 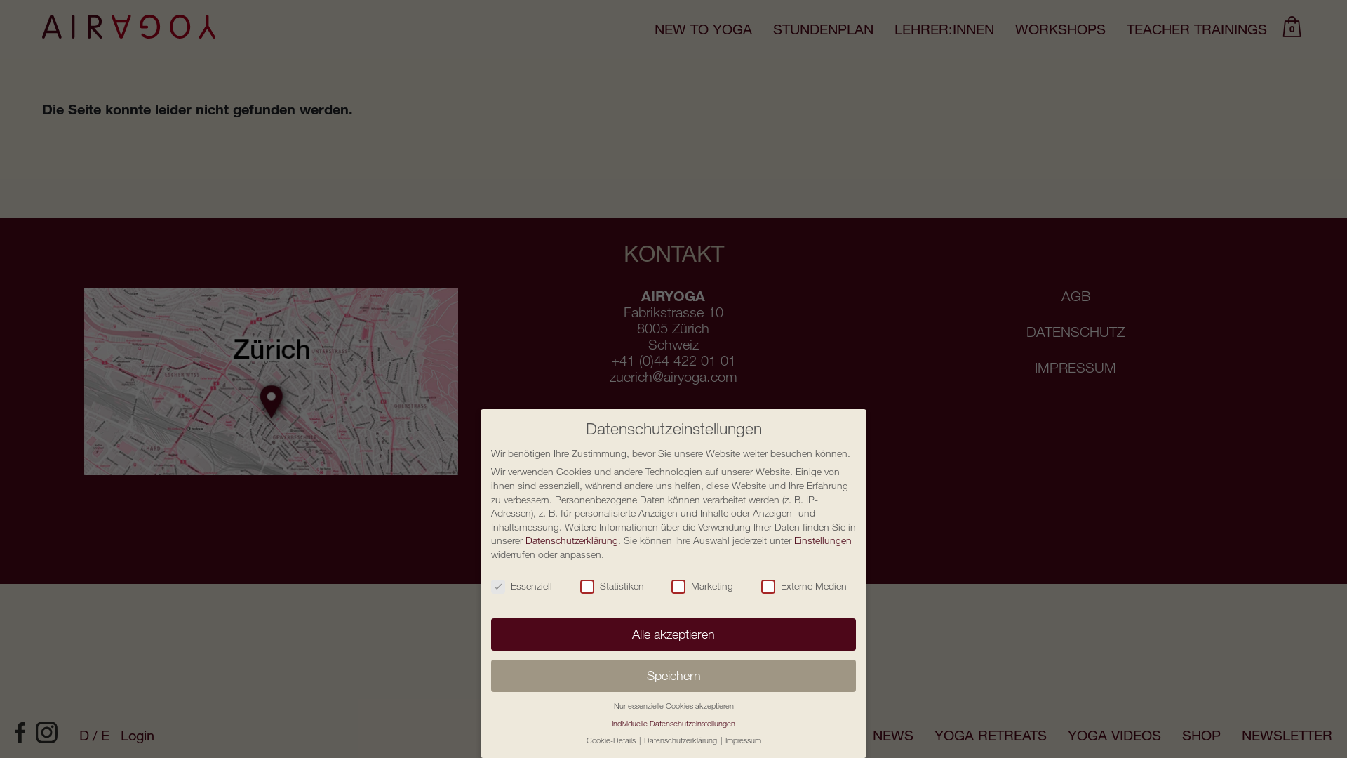 I want to click on 'WORKSHOPS', so click(x=1060, y=29).